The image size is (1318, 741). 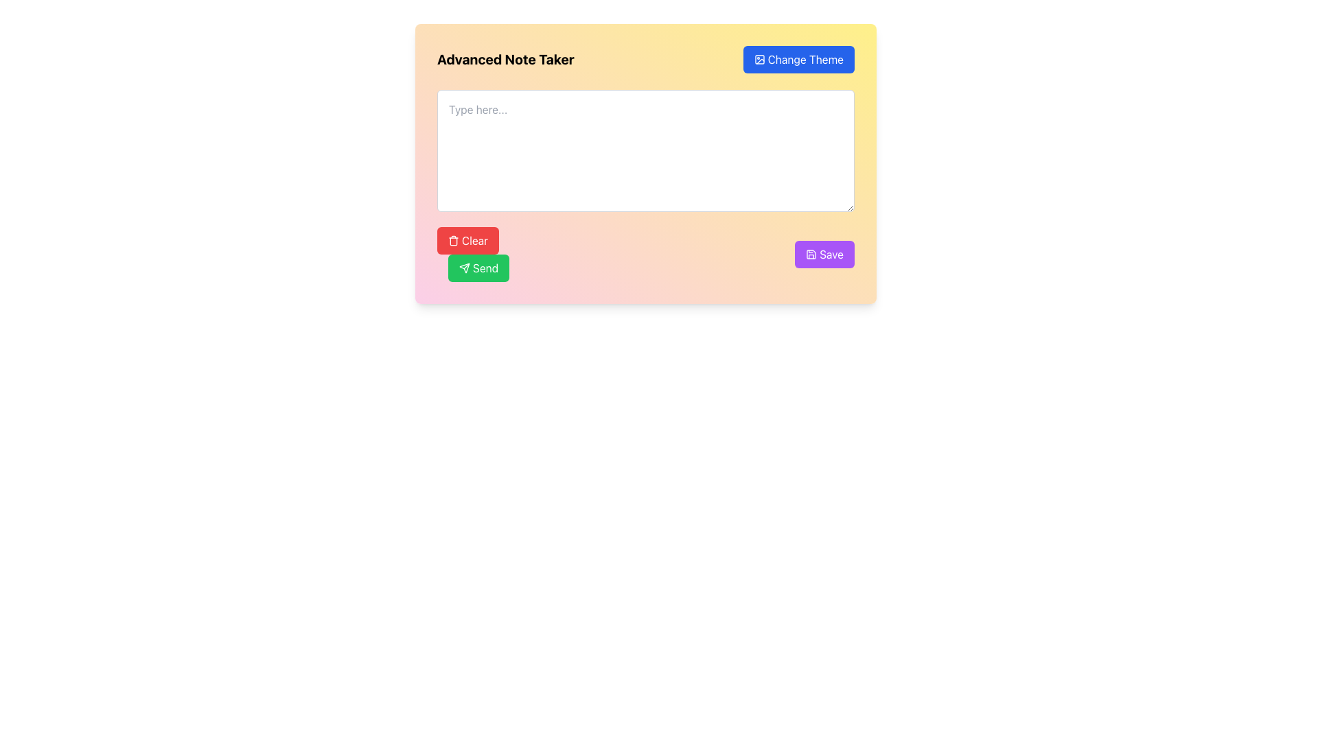 I want to click on the save button, which is the third button in the sequence located to the right of the 'Send' button, so click(x=824, y=254).